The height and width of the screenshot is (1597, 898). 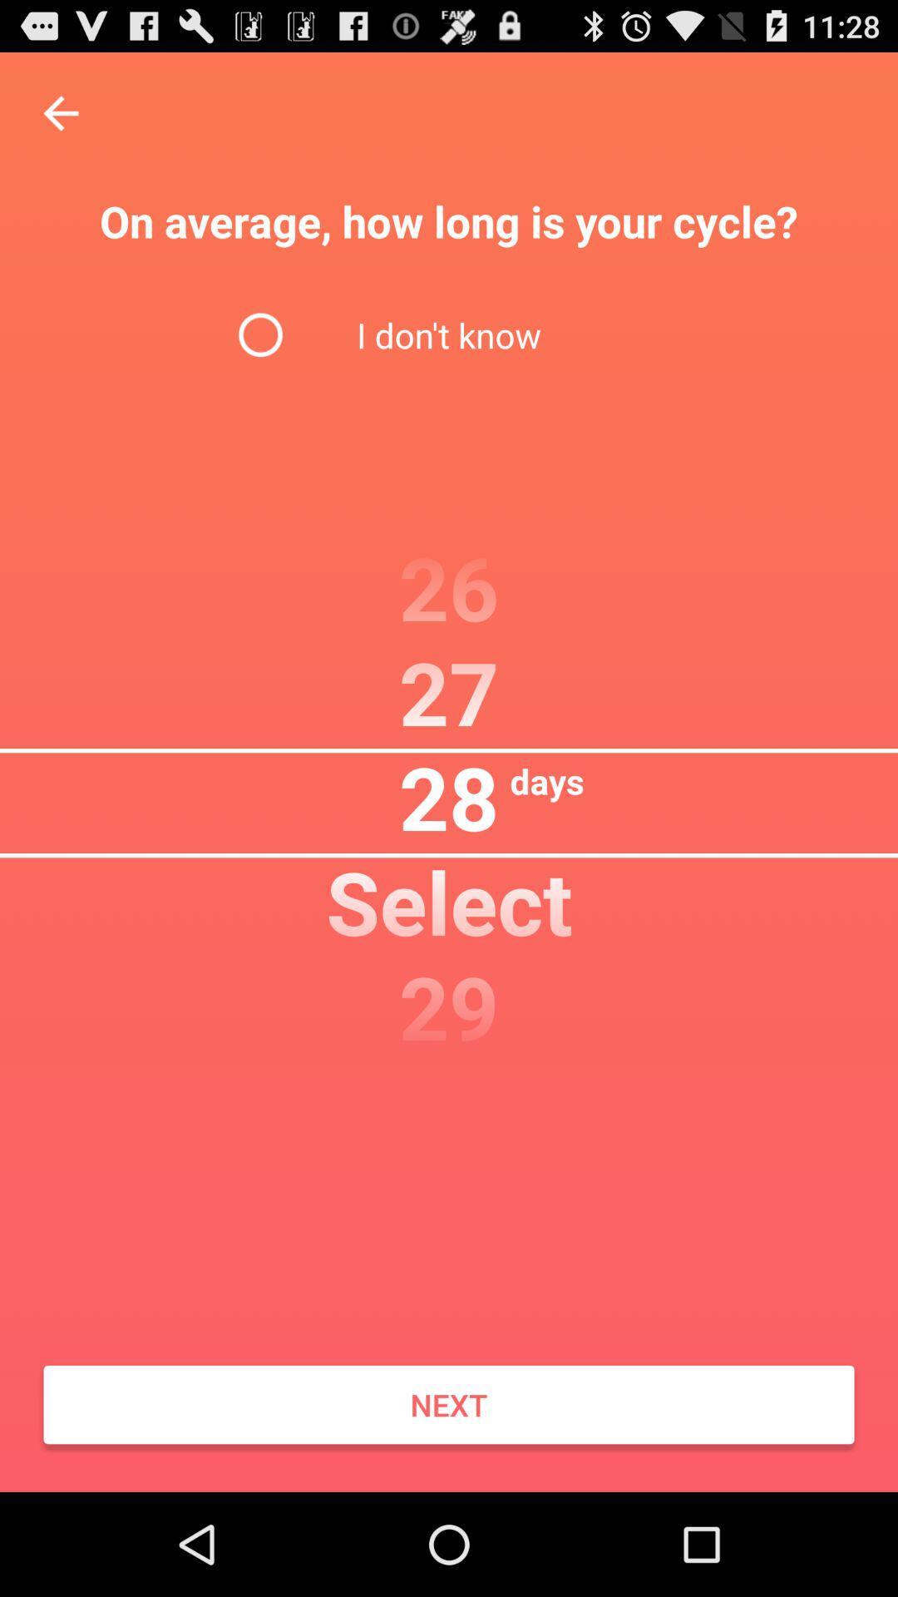 What do you see at coordinates (60, 112) in the screenshot?
I see `the item above the on average how item` at bounding box center [60, 112].